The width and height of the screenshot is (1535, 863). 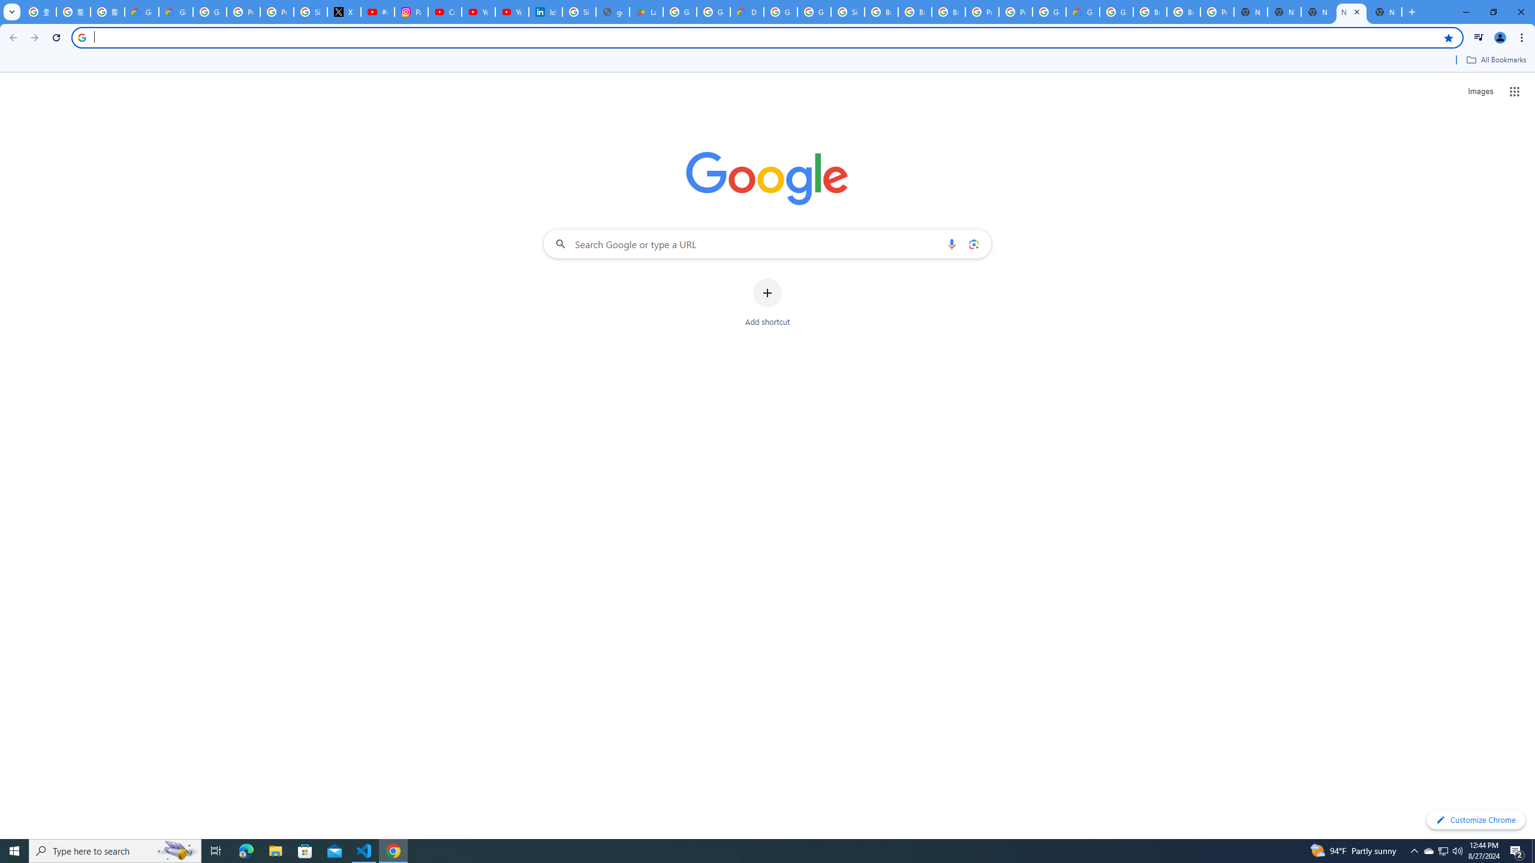 What do you see at coordinates (511, 11) in the screenshot?
I see `'YouTube Culture & Trends - YouTube Top 10, 2021'` at bounding box center [511, 11].